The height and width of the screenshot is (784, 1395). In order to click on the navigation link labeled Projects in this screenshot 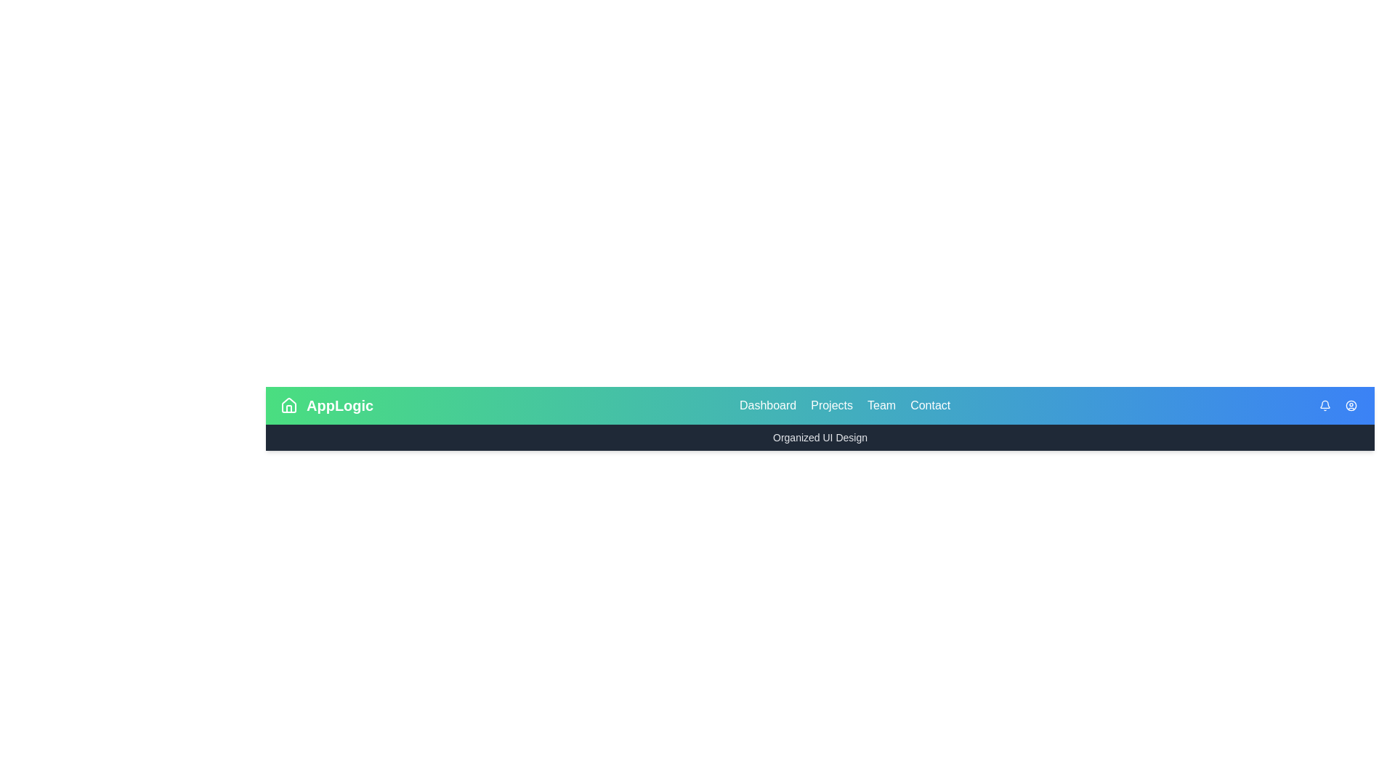, I will do `click(832, 406)`.